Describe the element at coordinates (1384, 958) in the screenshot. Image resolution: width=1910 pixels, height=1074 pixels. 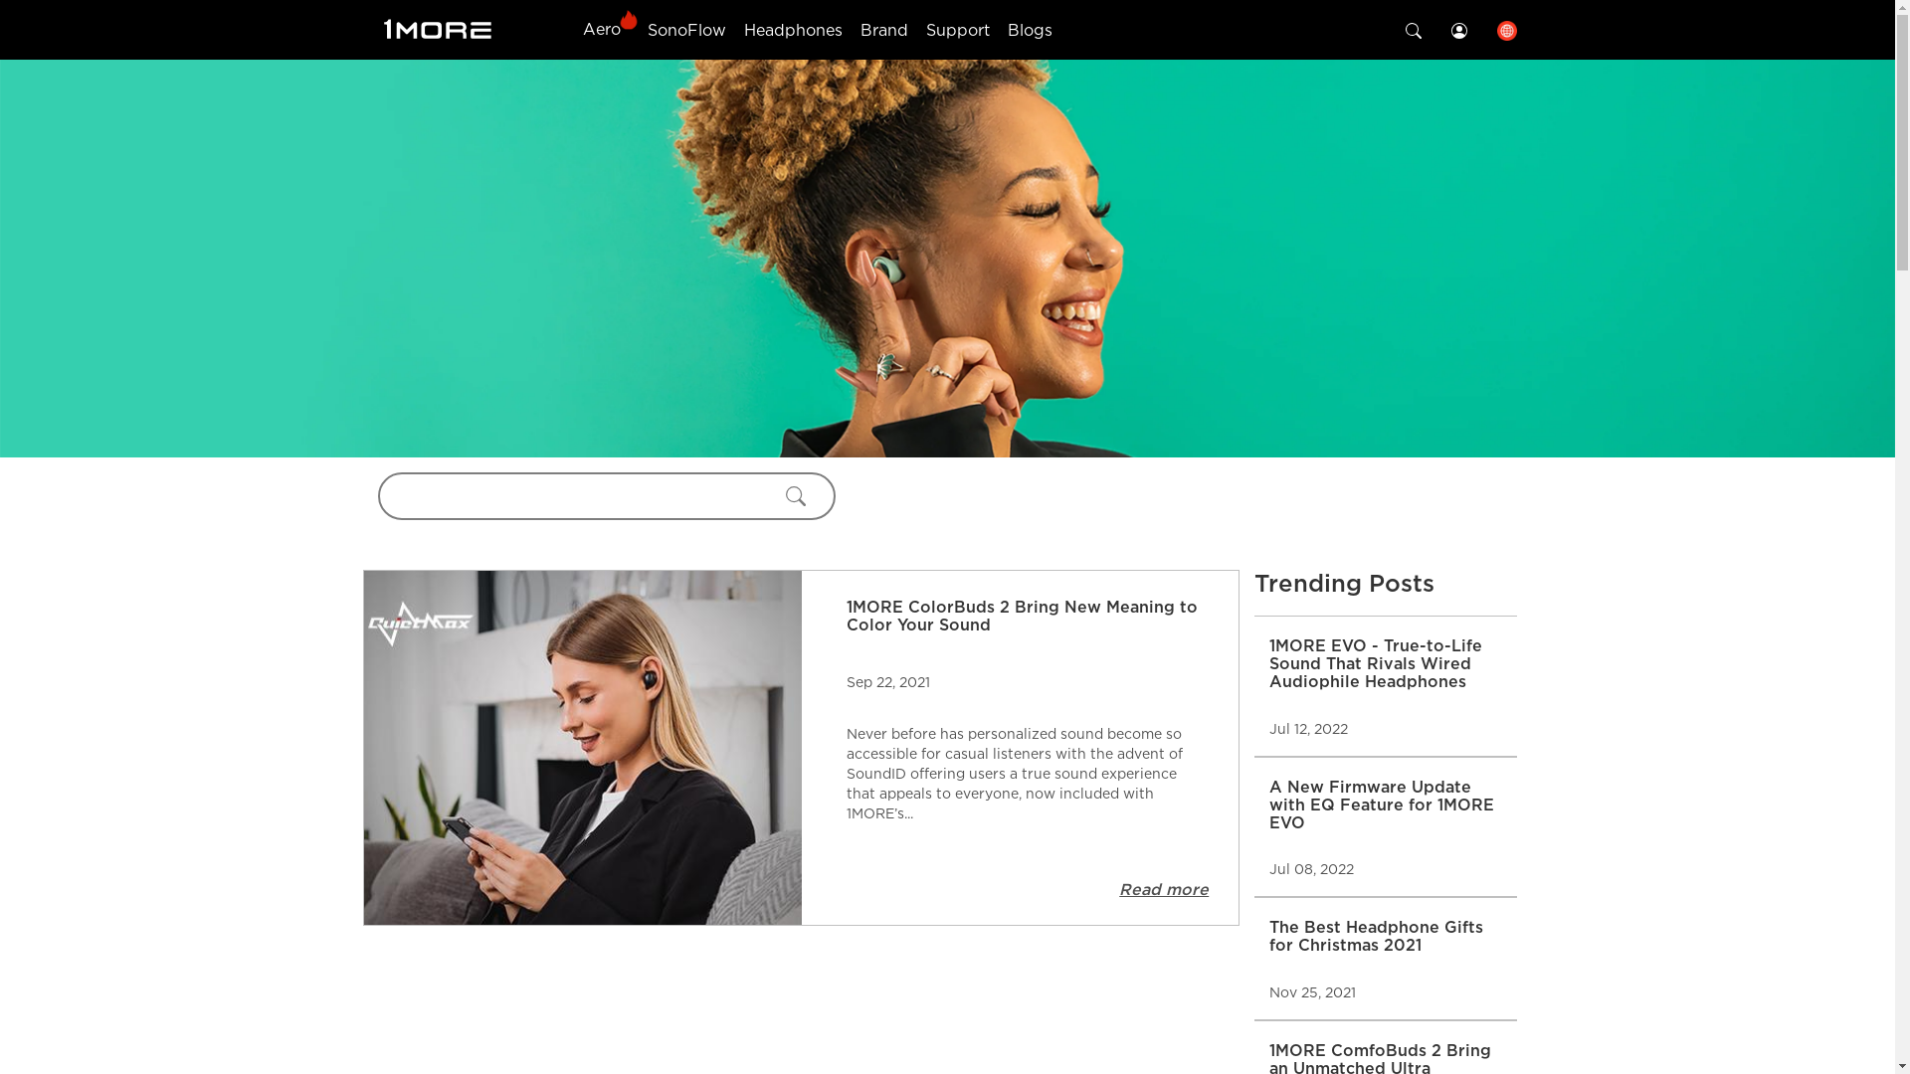
I see `'The Best Headphone Gifts for Christmas 2021` at that location.